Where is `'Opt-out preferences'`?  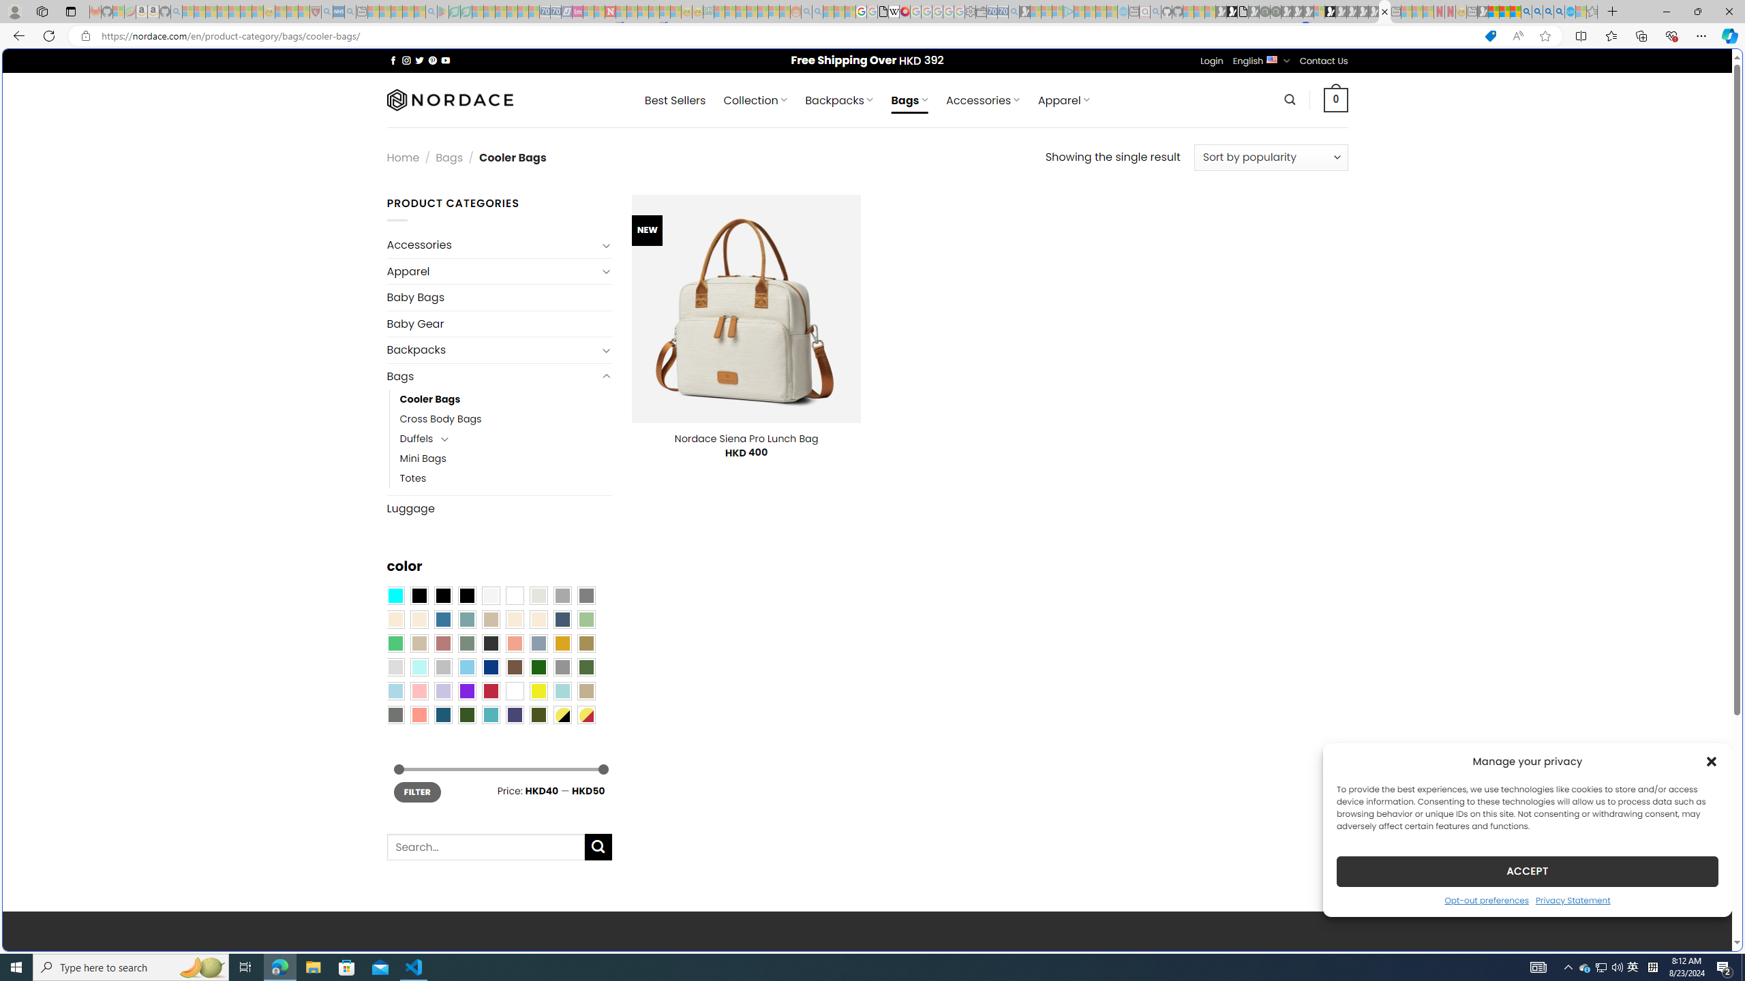 'Opt-out preferences' is located at coordinates (1486, 899).